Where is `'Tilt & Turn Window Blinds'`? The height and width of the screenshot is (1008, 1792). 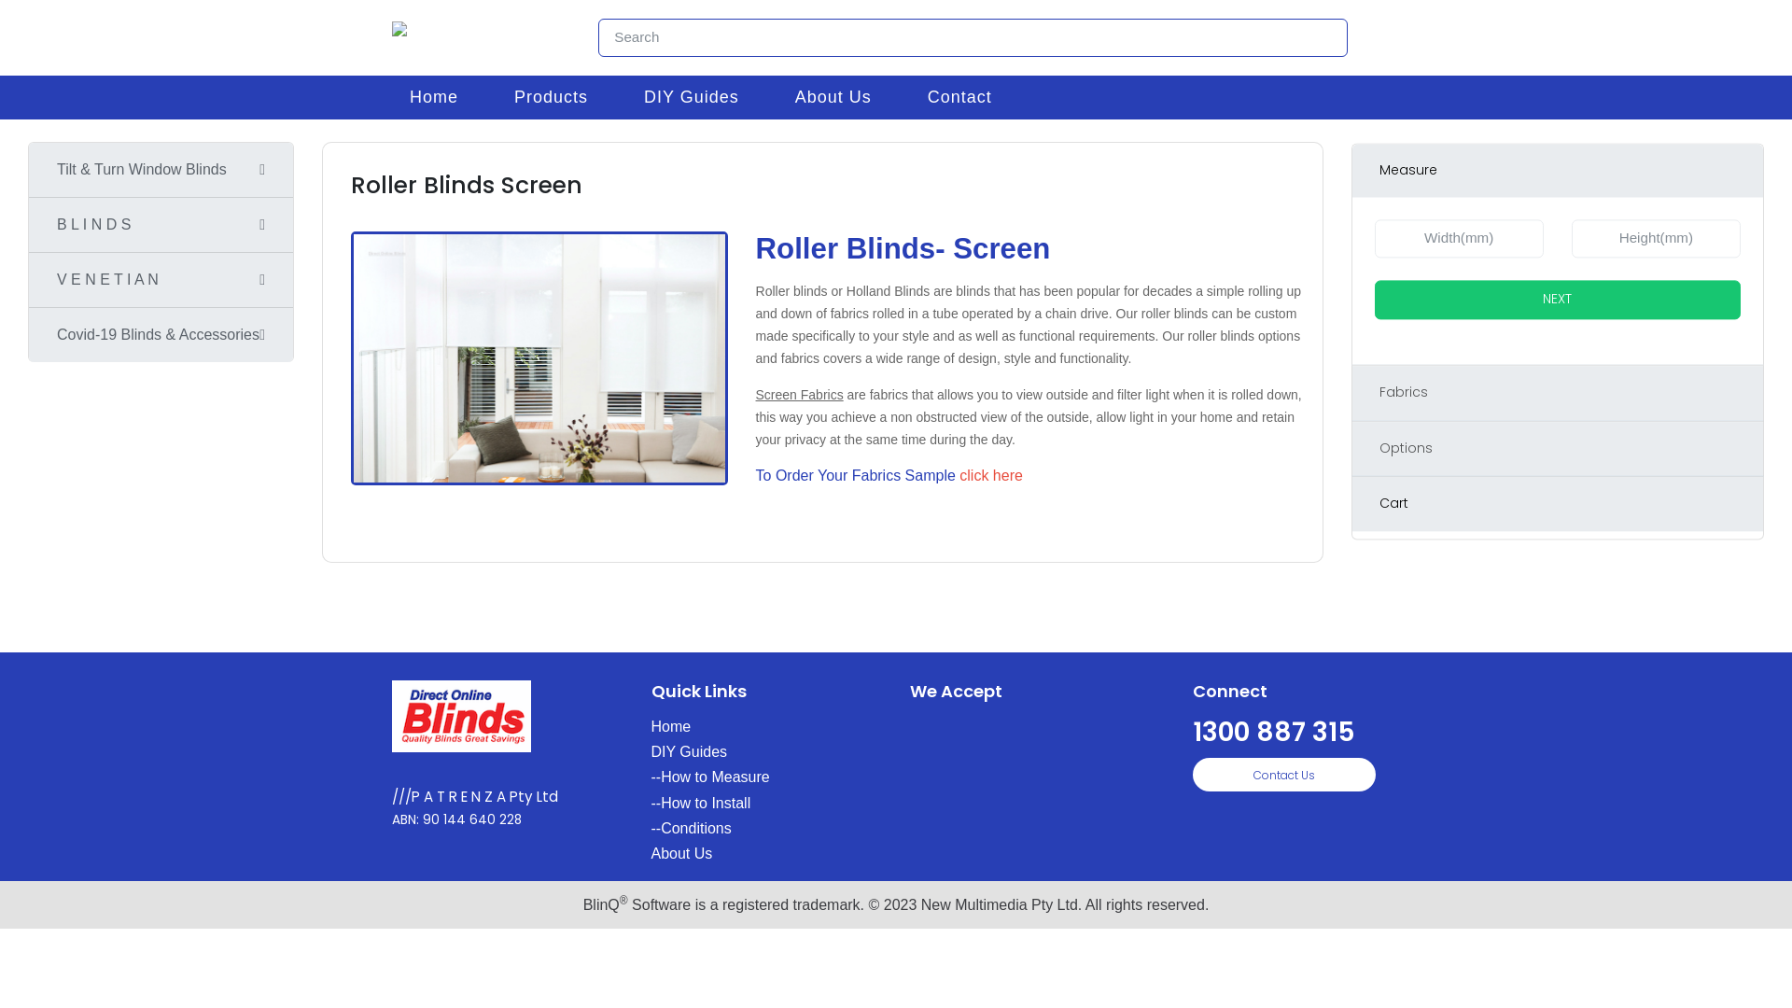 'Tilt & Turn Window Blinds' is located at coordinates (141, 169).